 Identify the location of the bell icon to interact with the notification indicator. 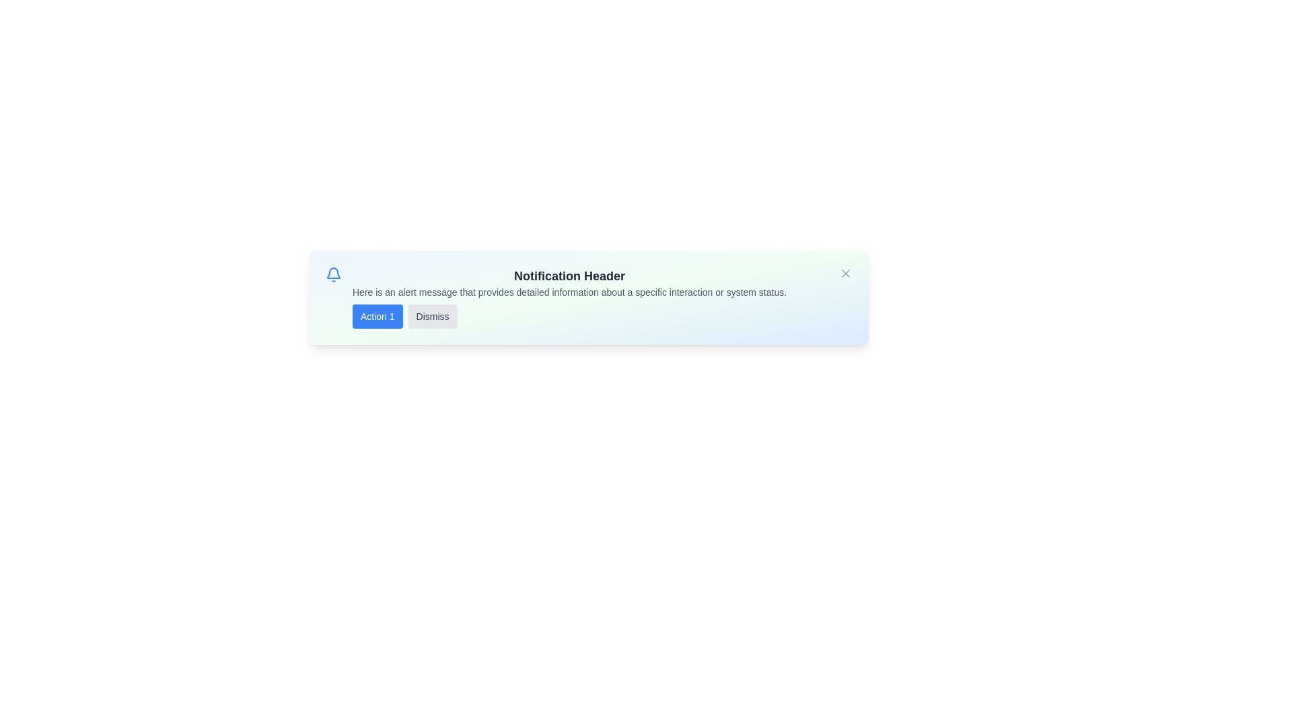
(333, 274).